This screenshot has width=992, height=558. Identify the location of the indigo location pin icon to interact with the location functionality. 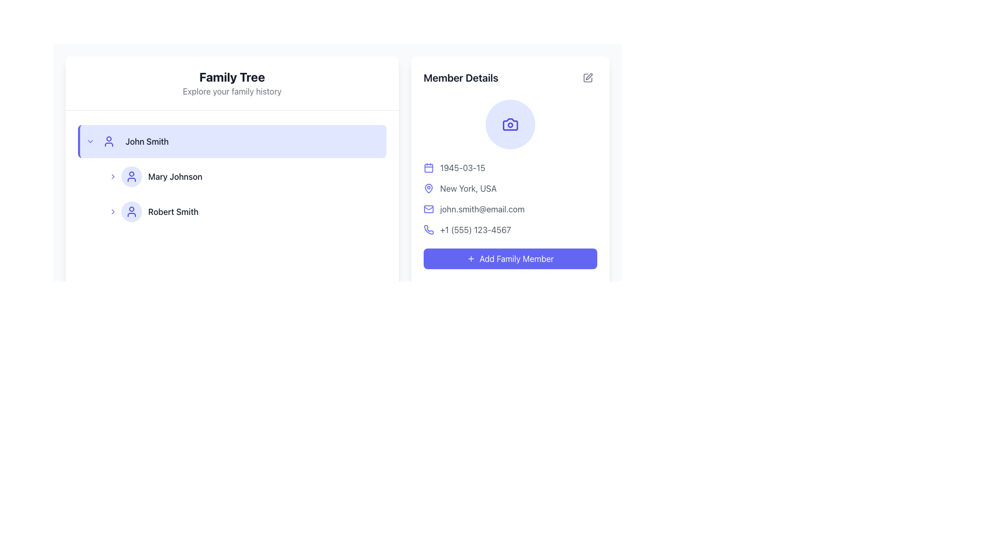
(429, 189).